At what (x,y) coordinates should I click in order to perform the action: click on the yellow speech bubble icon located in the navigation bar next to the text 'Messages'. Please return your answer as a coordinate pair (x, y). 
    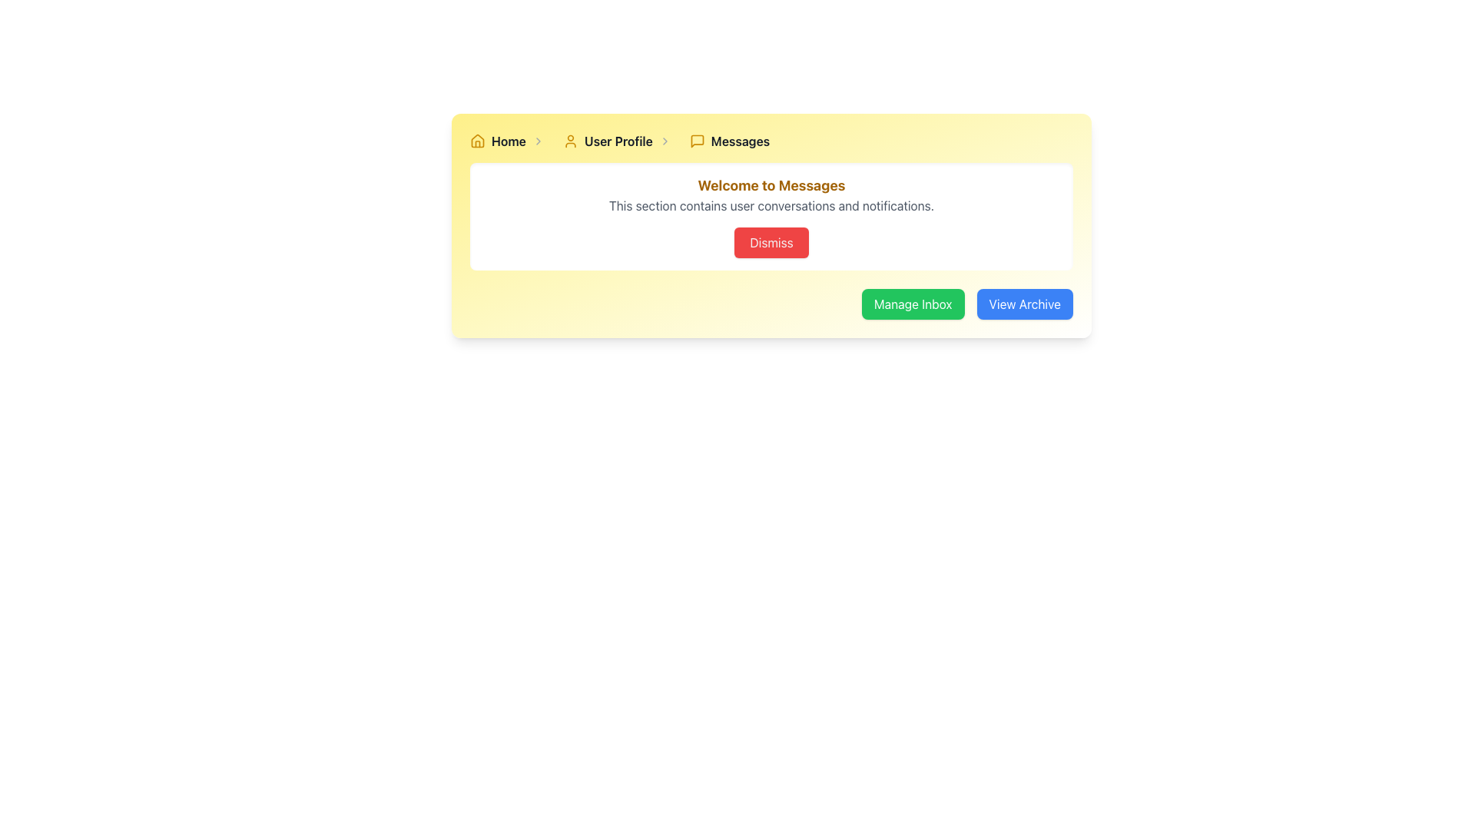
    Looking at the image, I should click on (696, 141).